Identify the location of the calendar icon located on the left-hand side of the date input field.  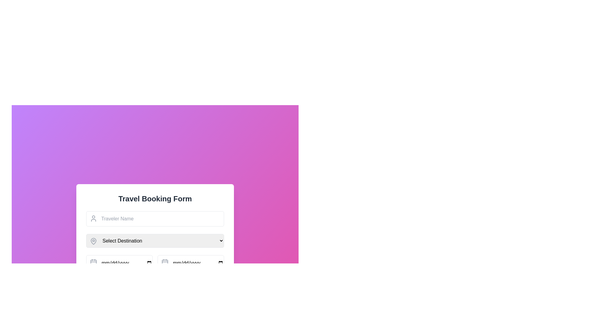
(93, 262).